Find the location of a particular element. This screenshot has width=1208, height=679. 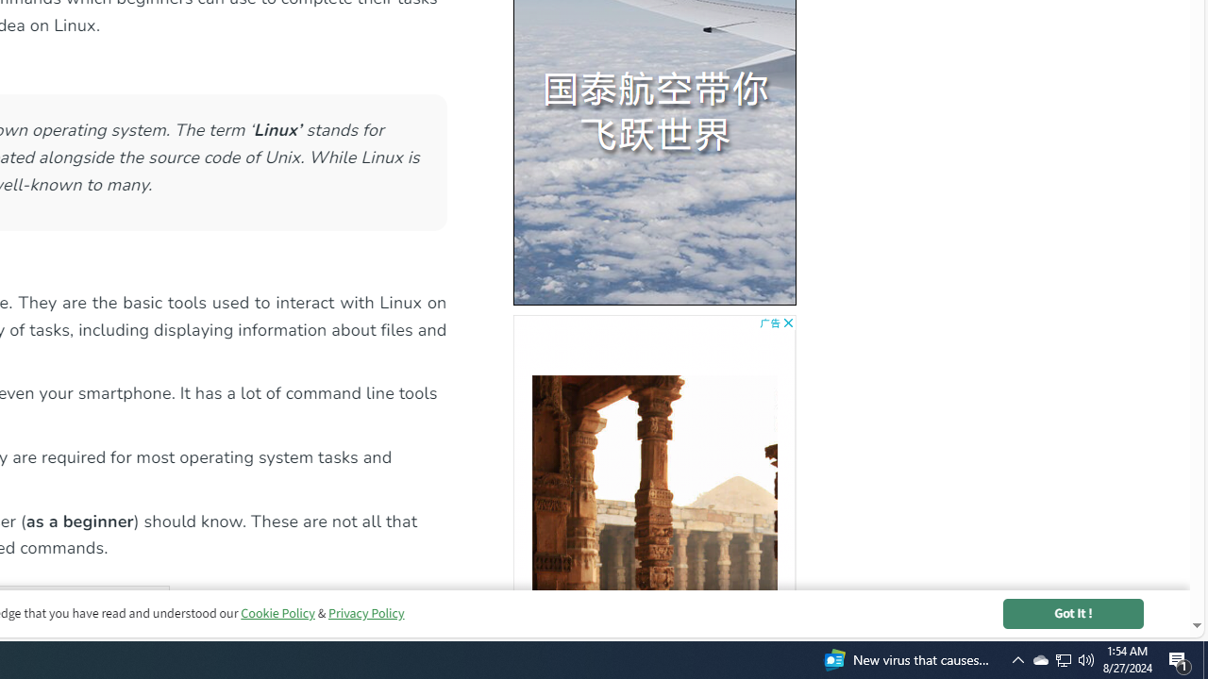

'AutomationID: cbb' is located at coordinates (788, 322).